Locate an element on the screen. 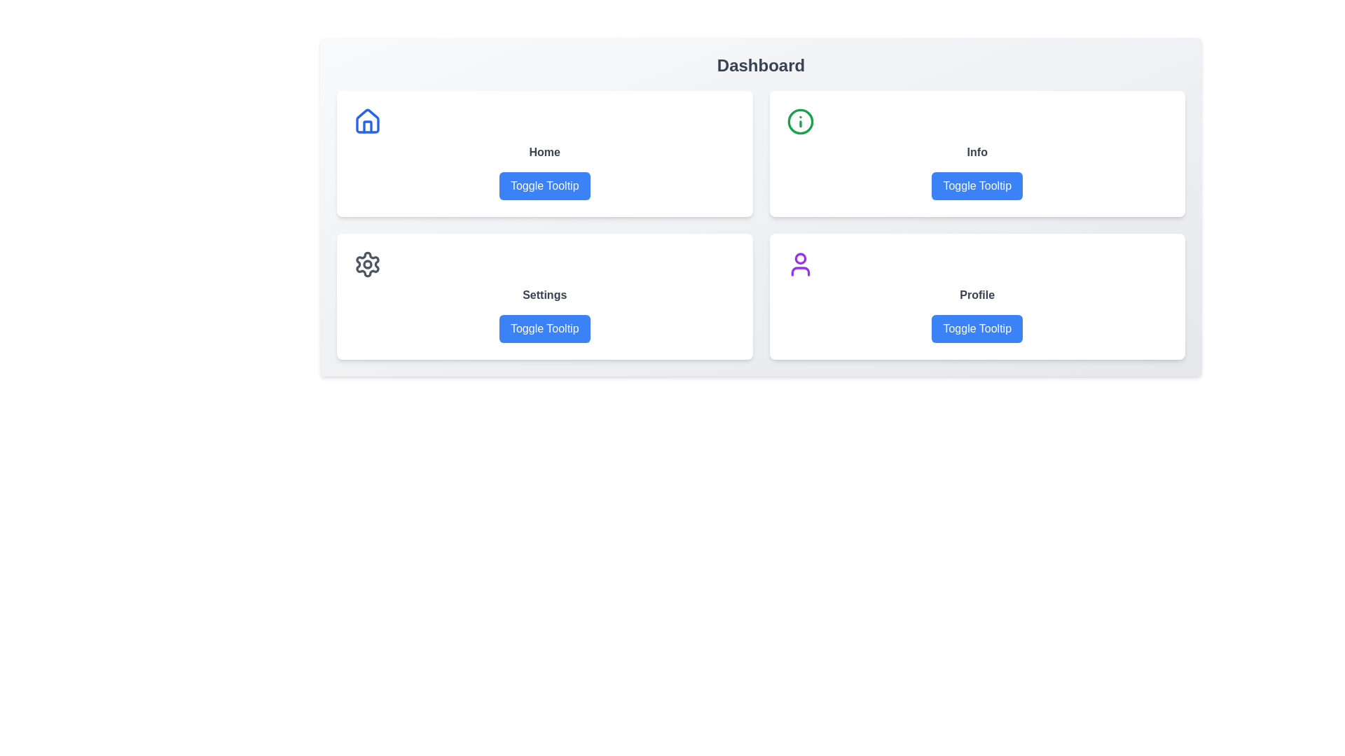  the blue button with white text labeled 'Toggle Tooltip' located in the bottom left card of the grid layout is located at coordinates (544, 329).